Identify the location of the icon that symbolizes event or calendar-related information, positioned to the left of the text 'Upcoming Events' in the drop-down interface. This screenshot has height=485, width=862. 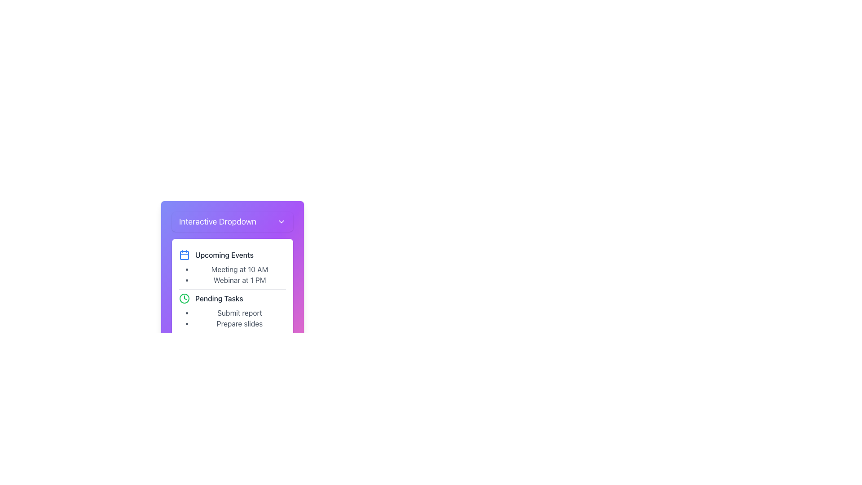
(184, 255).